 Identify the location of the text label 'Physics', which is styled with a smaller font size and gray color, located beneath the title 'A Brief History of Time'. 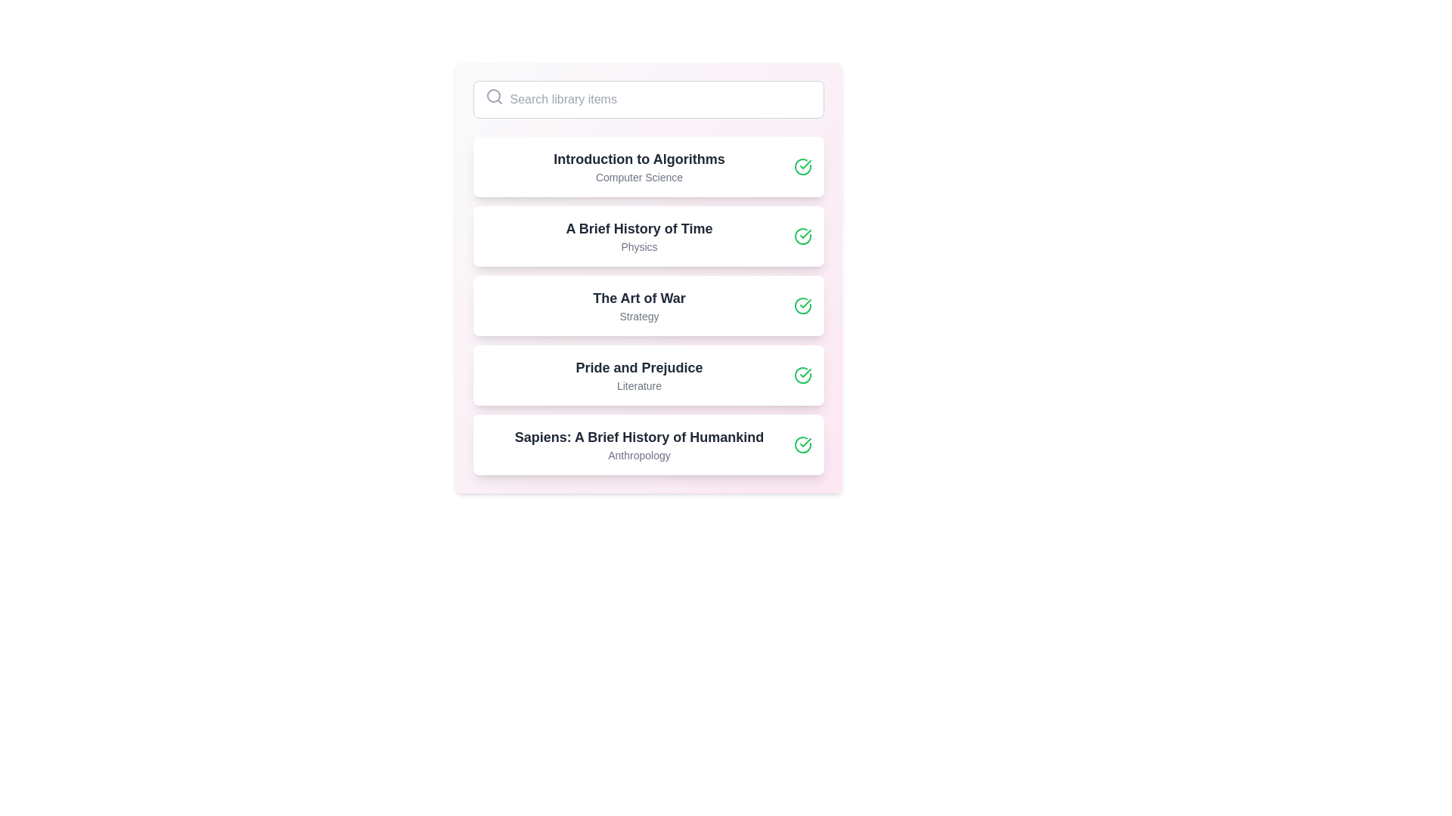
(639, 246).